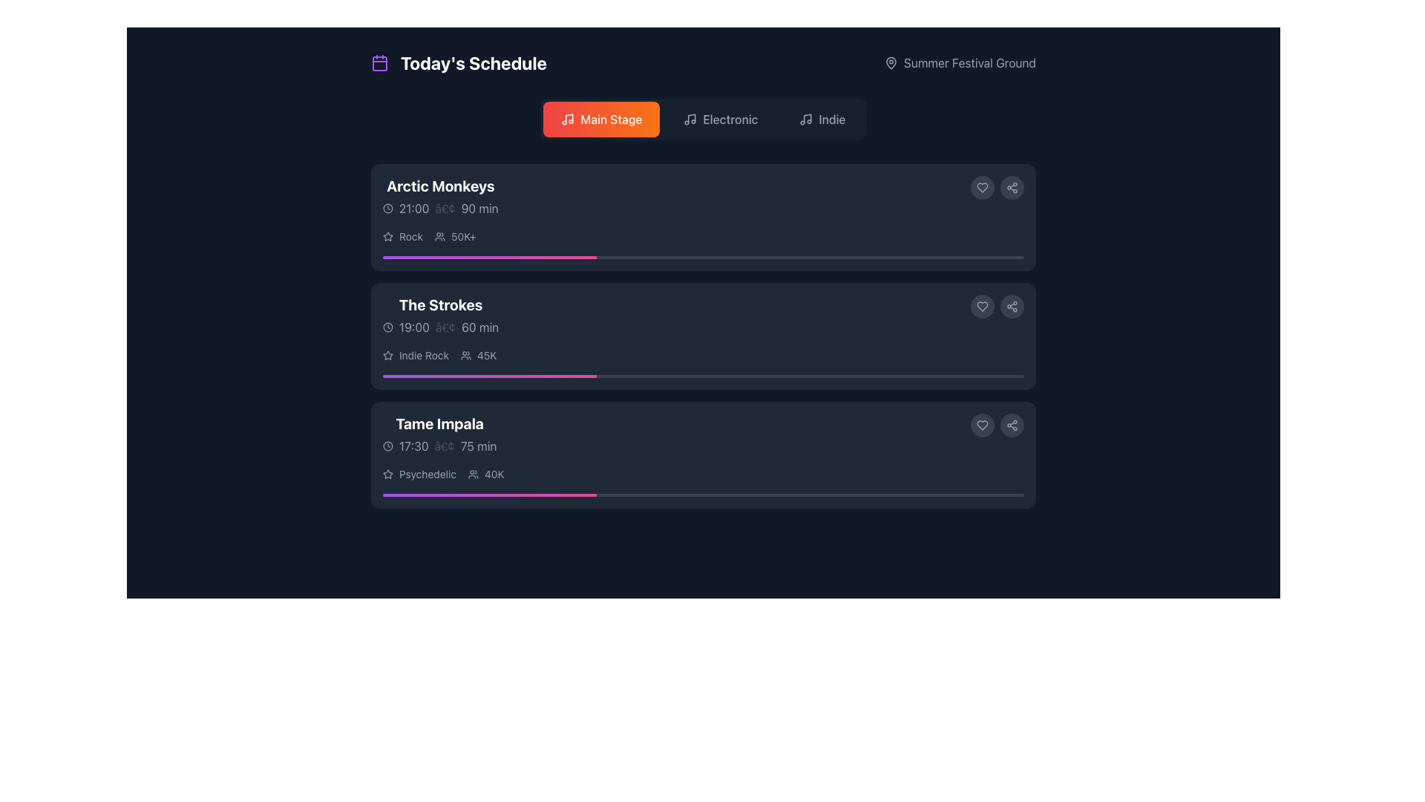 The height and width of the screenshot is (802, 1425). What do you see at coordinates (439, 446) in the screenshot?
I see `the time and duration information displayed in the label with a clock icon and text '17:30 • 75 min' under the list item titled 'Tame Impala'` at bounding box center [439, 446].